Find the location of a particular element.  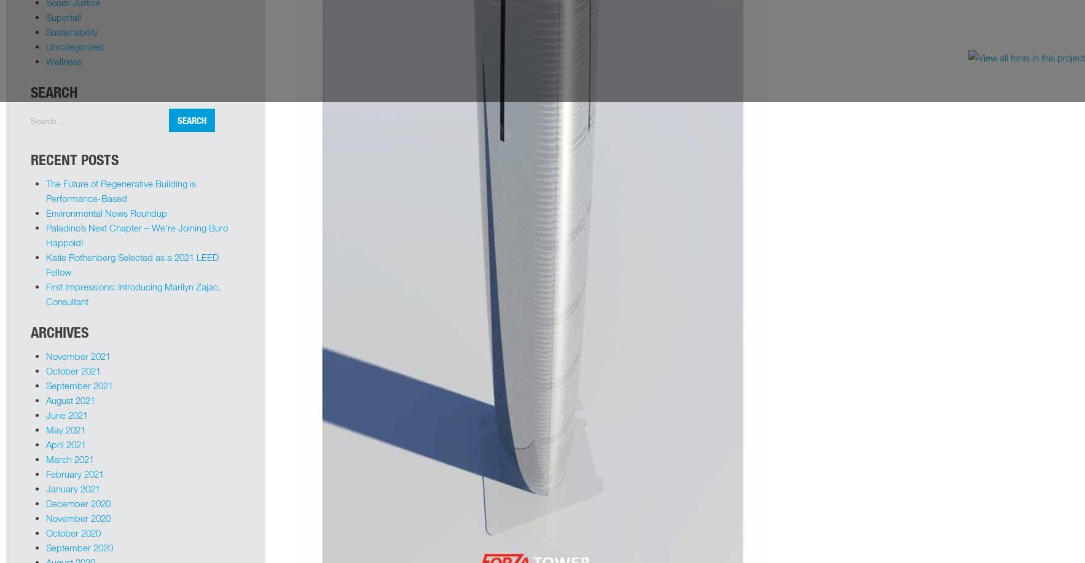

'April 2021' is located at coordinates (45, 443).